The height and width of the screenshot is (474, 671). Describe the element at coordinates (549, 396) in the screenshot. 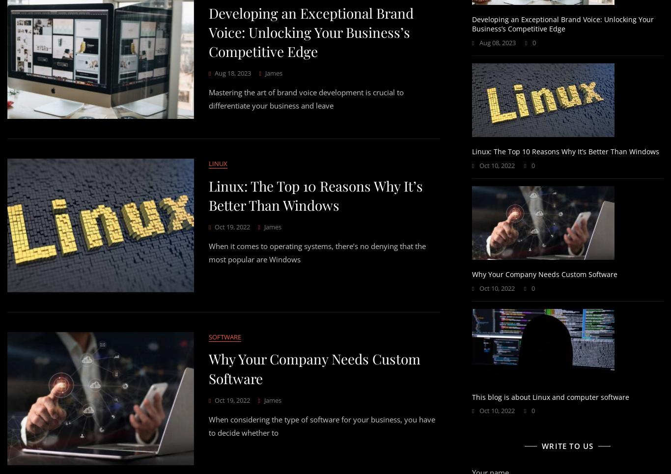

I see `'This blog is about Linux and computer software'` at that location.